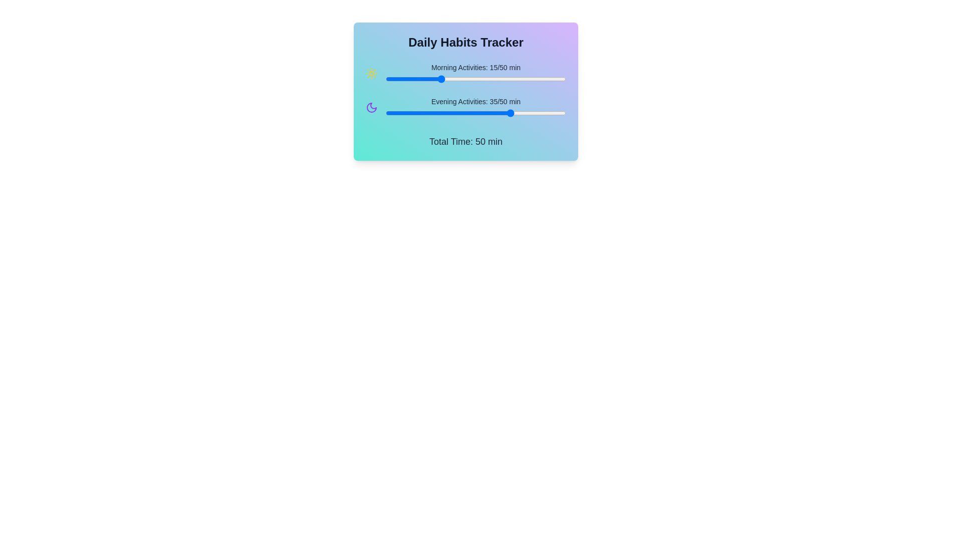 This screenshot has width=962, height=541. I want to click on the evening activity time, so click(436, 113).